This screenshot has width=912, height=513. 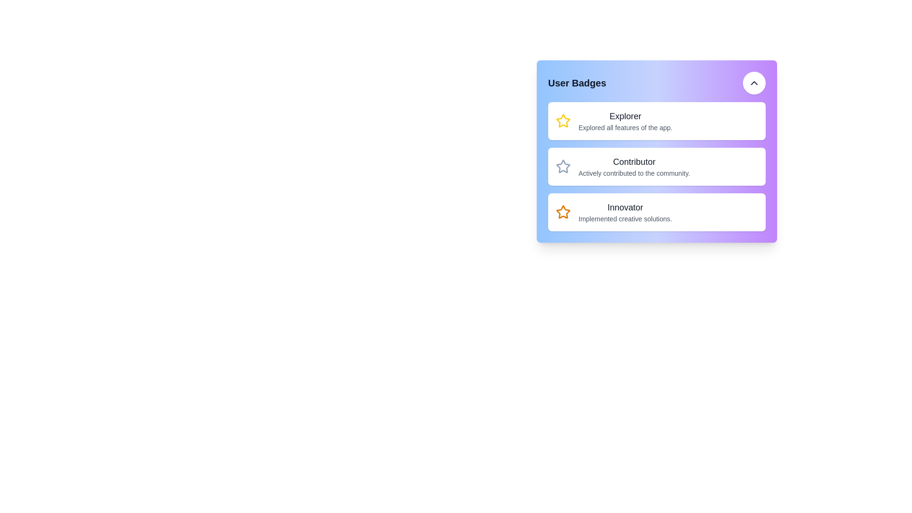 I want to click on the static text label displaying 'Implemented creative solutions.' located below the heading 'Innovator' in the card layout, so click(x=625, y=219).